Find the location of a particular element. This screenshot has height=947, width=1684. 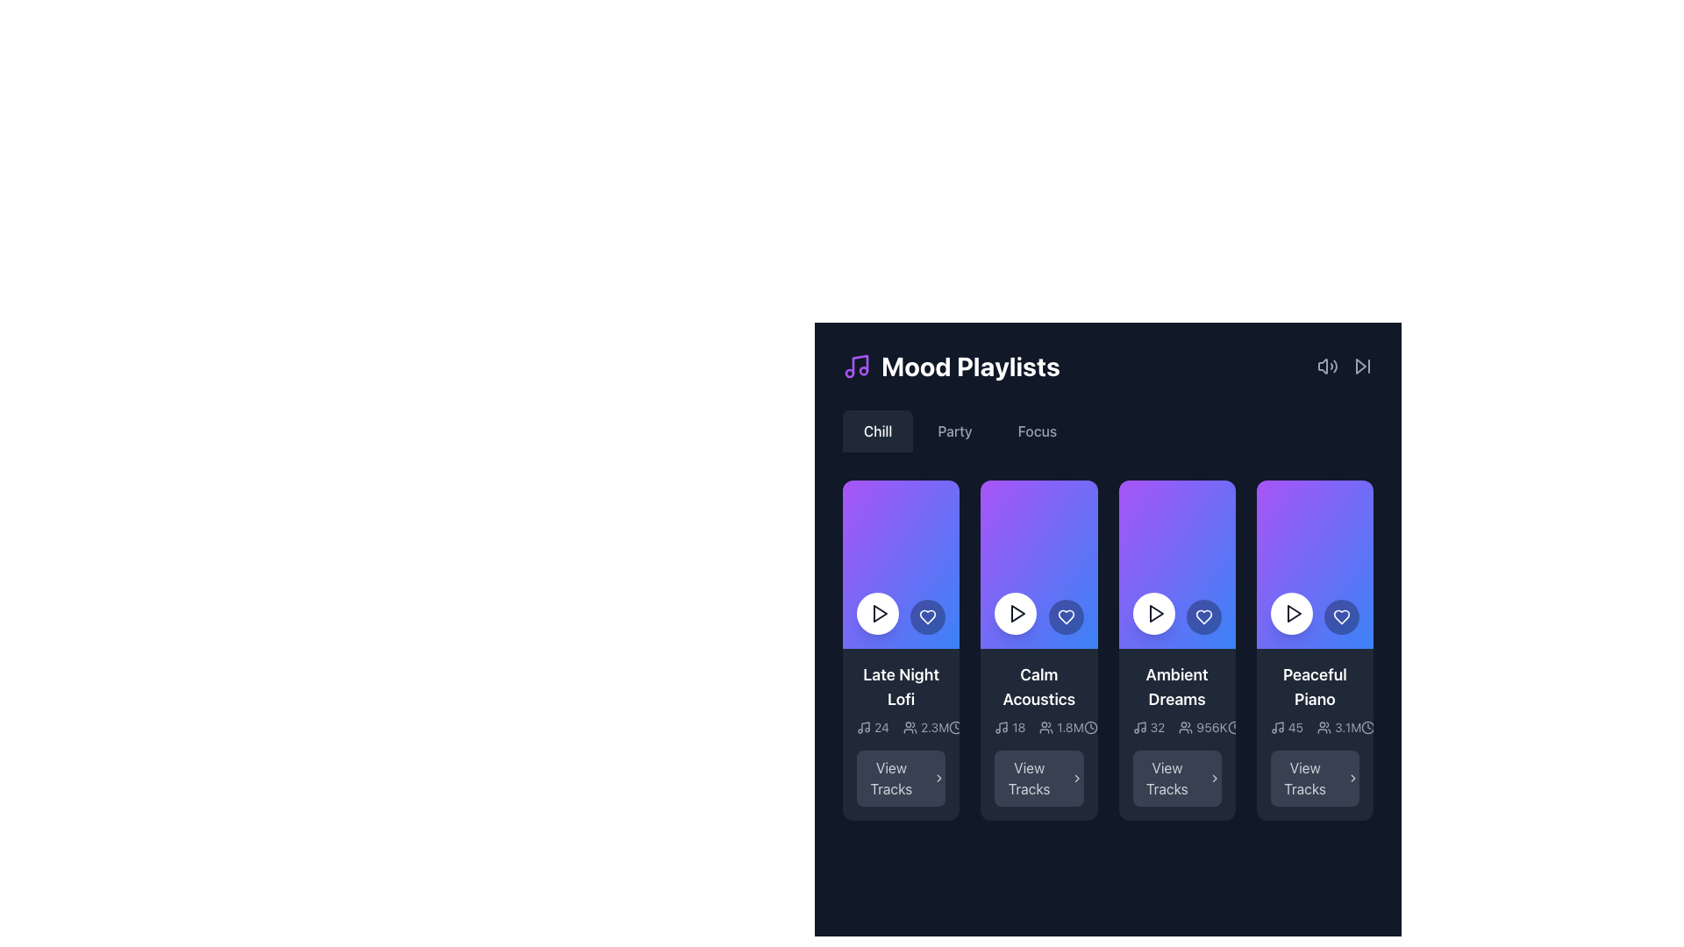

the first playlist card with a gradient background transitioning from purple to blue, which contains two circular buttons at the bottom corners is located at coordinates (901, 565).